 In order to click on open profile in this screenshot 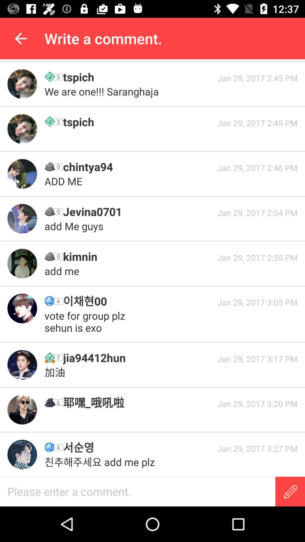, I will do `click(22, 410)`.